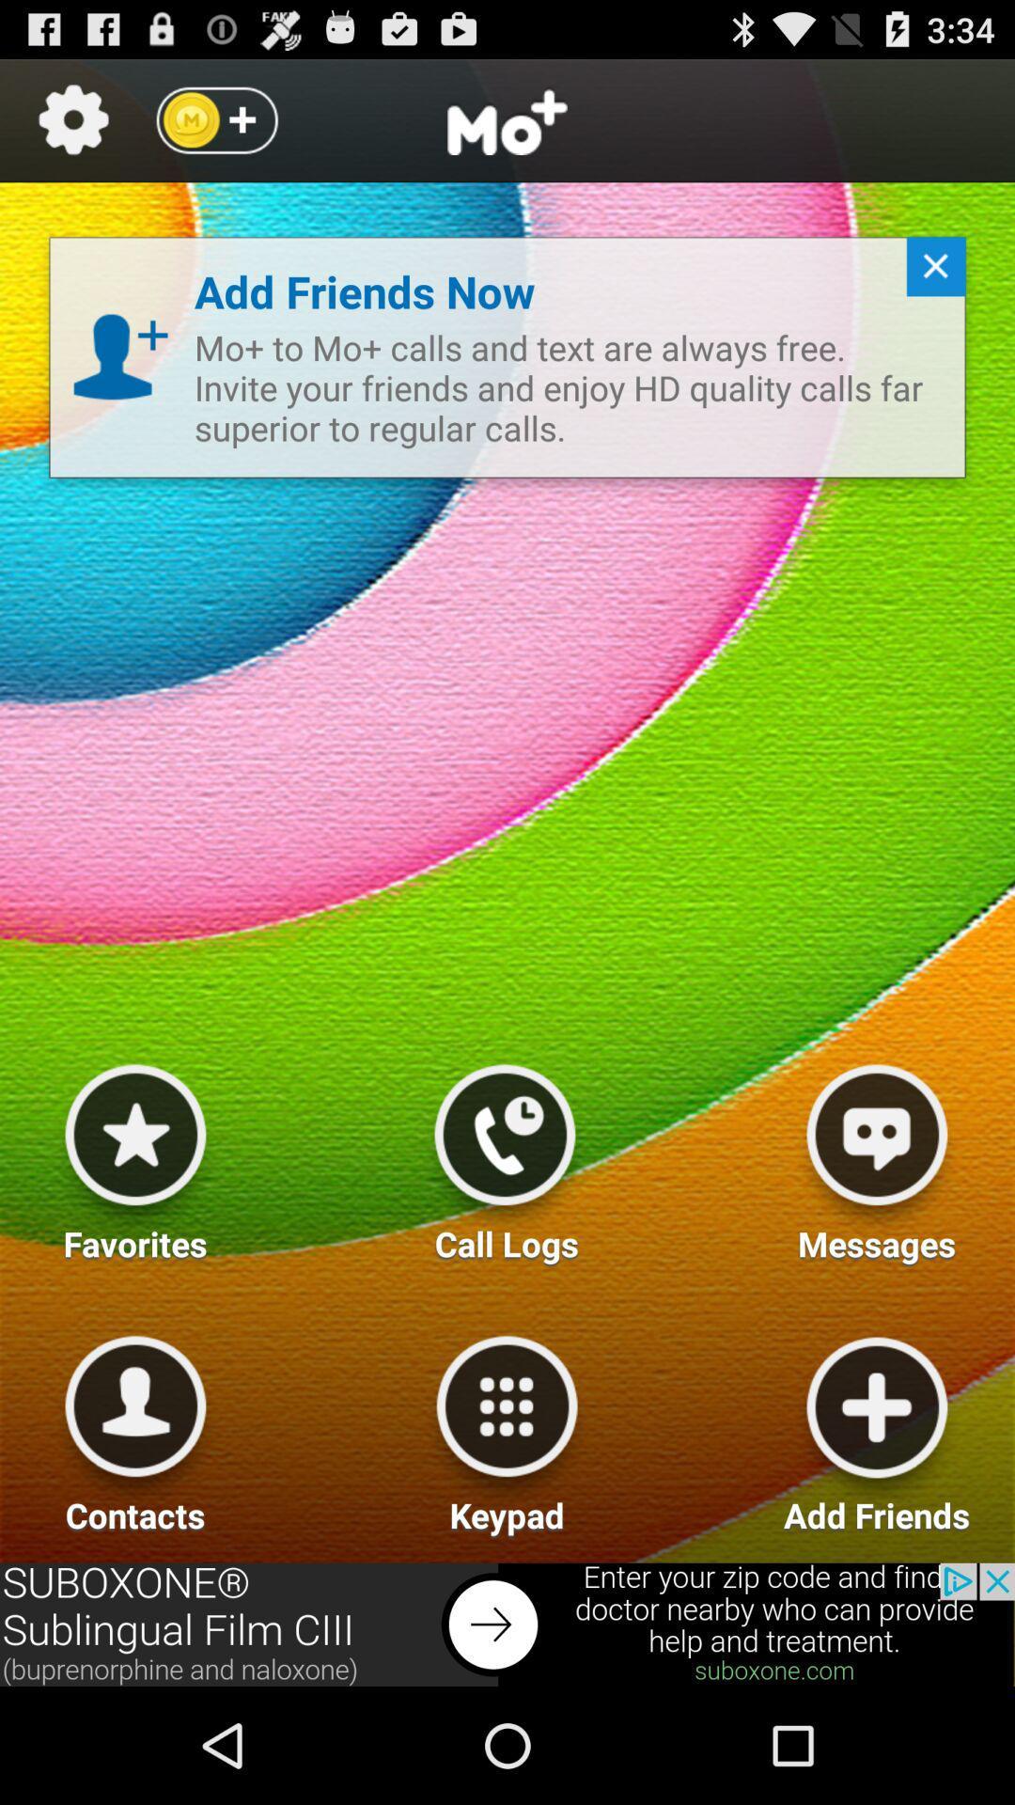 The height and width of the screenshot is (1805, 1015). What do you see at coordinates (72, 119) in the screenshot?
I see `setting option` at bounding box center [72, 119].